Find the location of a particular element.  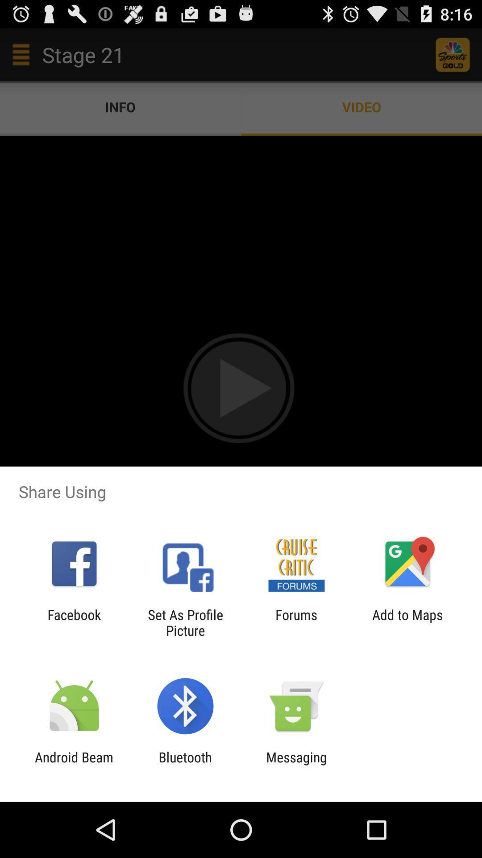

icon to the right of the set as profile item is located at coordinates (296, 622).